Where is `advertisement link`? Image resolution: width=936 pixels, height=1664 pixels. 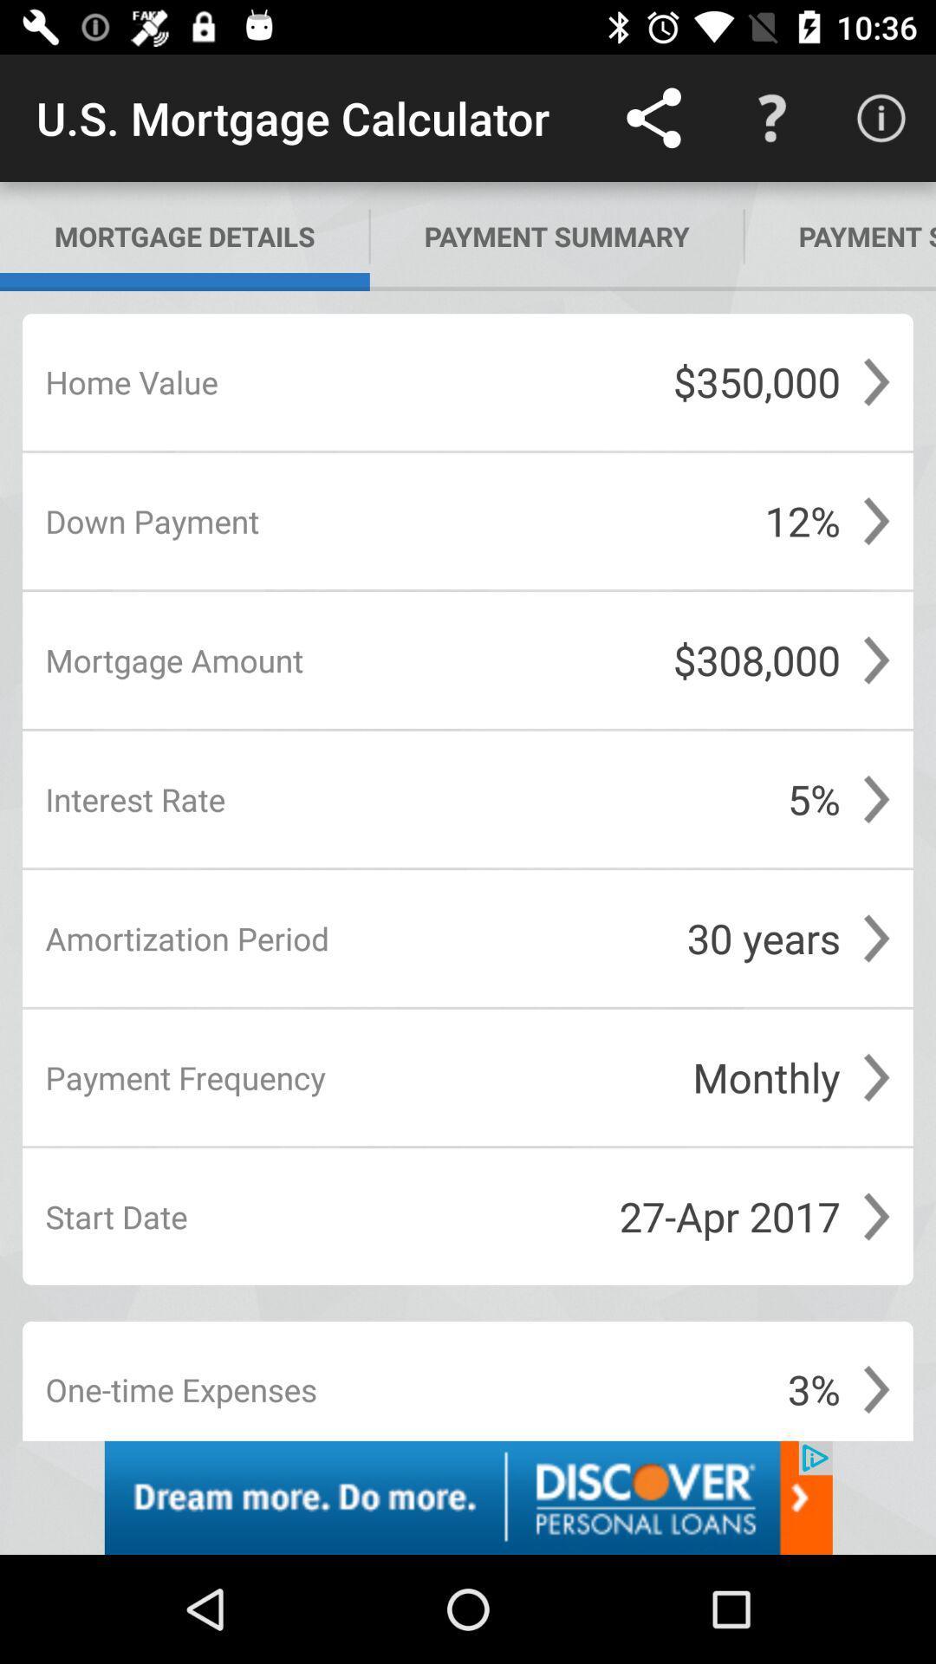 advertisement link is located at coordinates (468, 1497).